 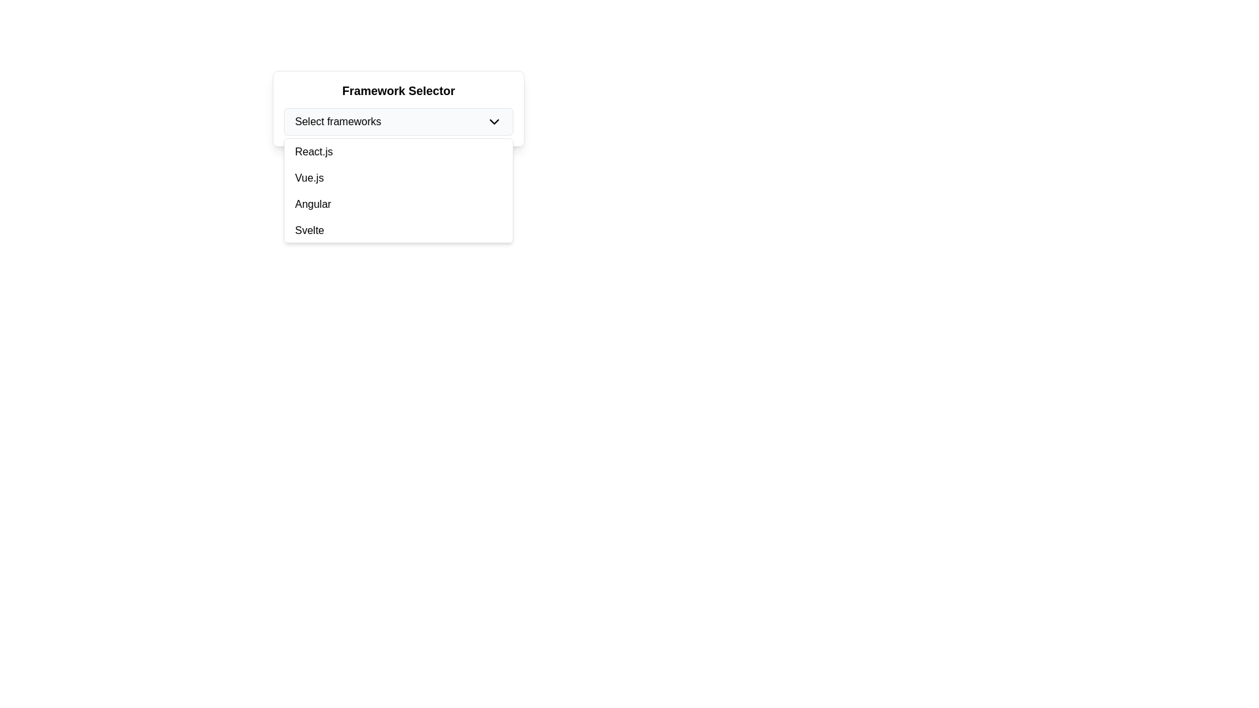 I want to click on the downward-pointing chevron icon on the right side of the 'Select frameworks' button, so click(x=493, y=121).